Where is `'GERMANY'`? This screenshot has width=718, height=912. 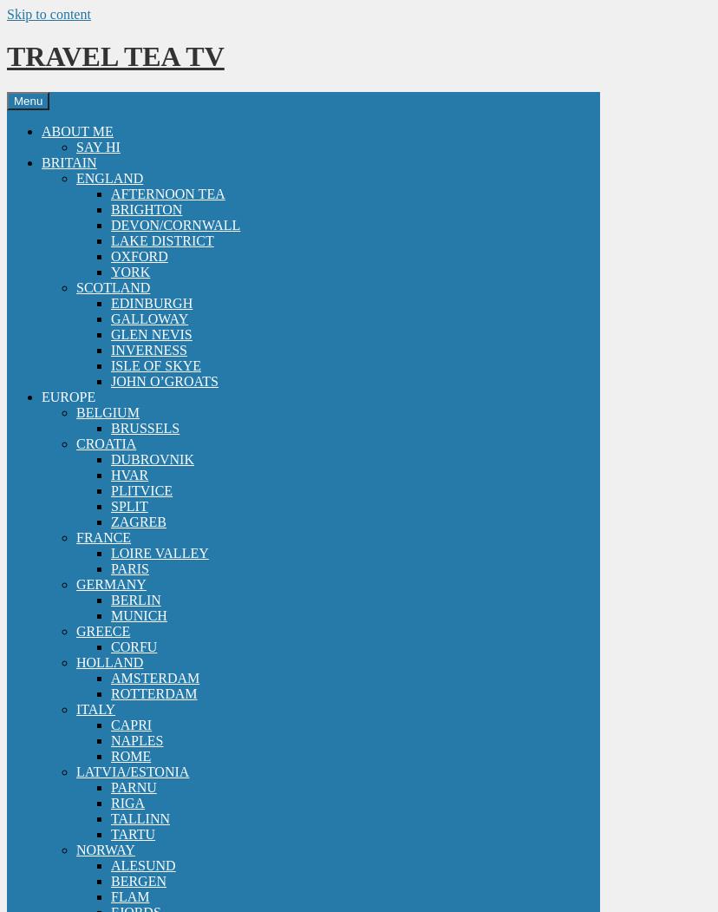 'GERMANY' is located at coordinates (110, 583).